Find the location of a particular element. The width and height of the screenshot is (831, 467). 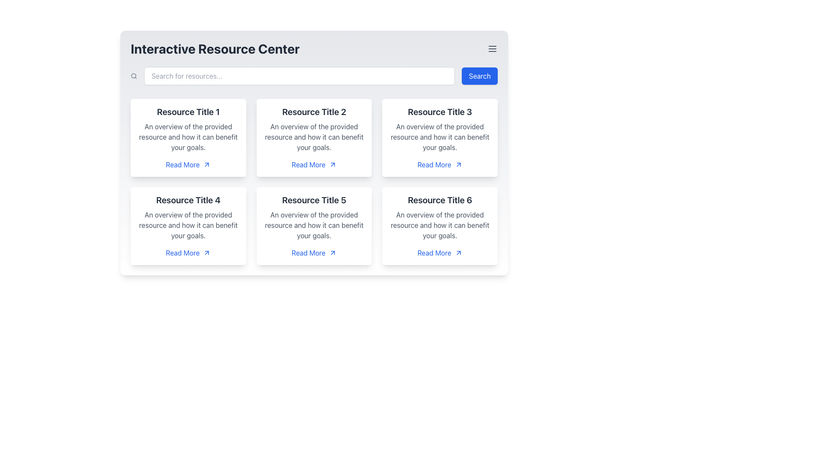

text content styled in gray font color, located below 'Resource Title 3' and above the 'Read More' link, positioned in the upper-right corner of the grid layout is located at coordinates (440, 136).